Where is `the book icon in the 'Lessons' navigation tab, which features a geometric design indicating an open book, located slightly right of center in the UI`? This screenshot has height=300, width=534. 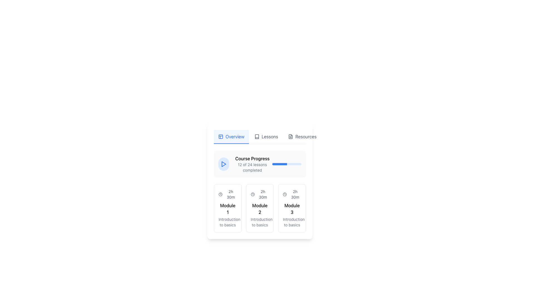
the book icon in the 'Lessons' navigation tab, which features a geometric design indicating an open book, located slightly right of center in the UI is located at coordinates (256, 137).